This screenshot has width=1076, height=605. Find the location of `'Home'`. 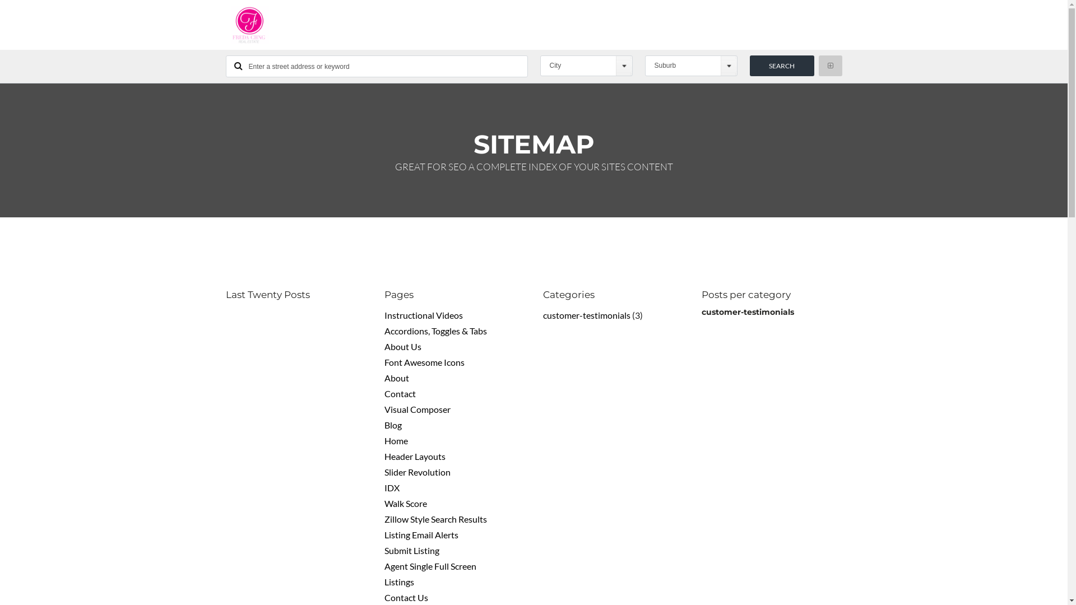

'Home' is located at coordinates (396, 440).